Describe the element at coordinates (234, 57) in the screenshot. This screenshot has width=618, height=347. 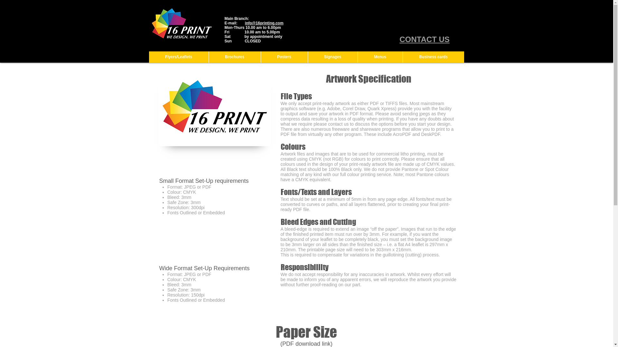
I see `'Brochures'` at that location.